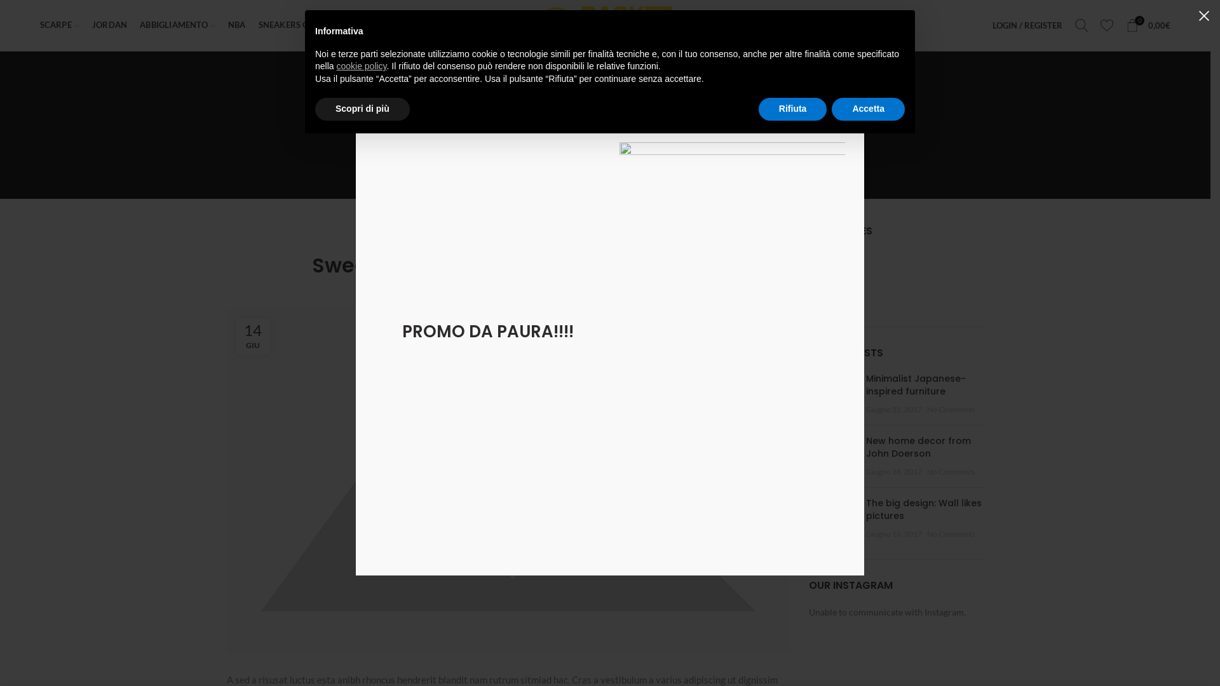 The image size is (1220, 686). What do you see at coordinates (1027, 25) in the screenshot?
I see `'LOGIN / REGISTER'` at bounding box center [1027, 25].